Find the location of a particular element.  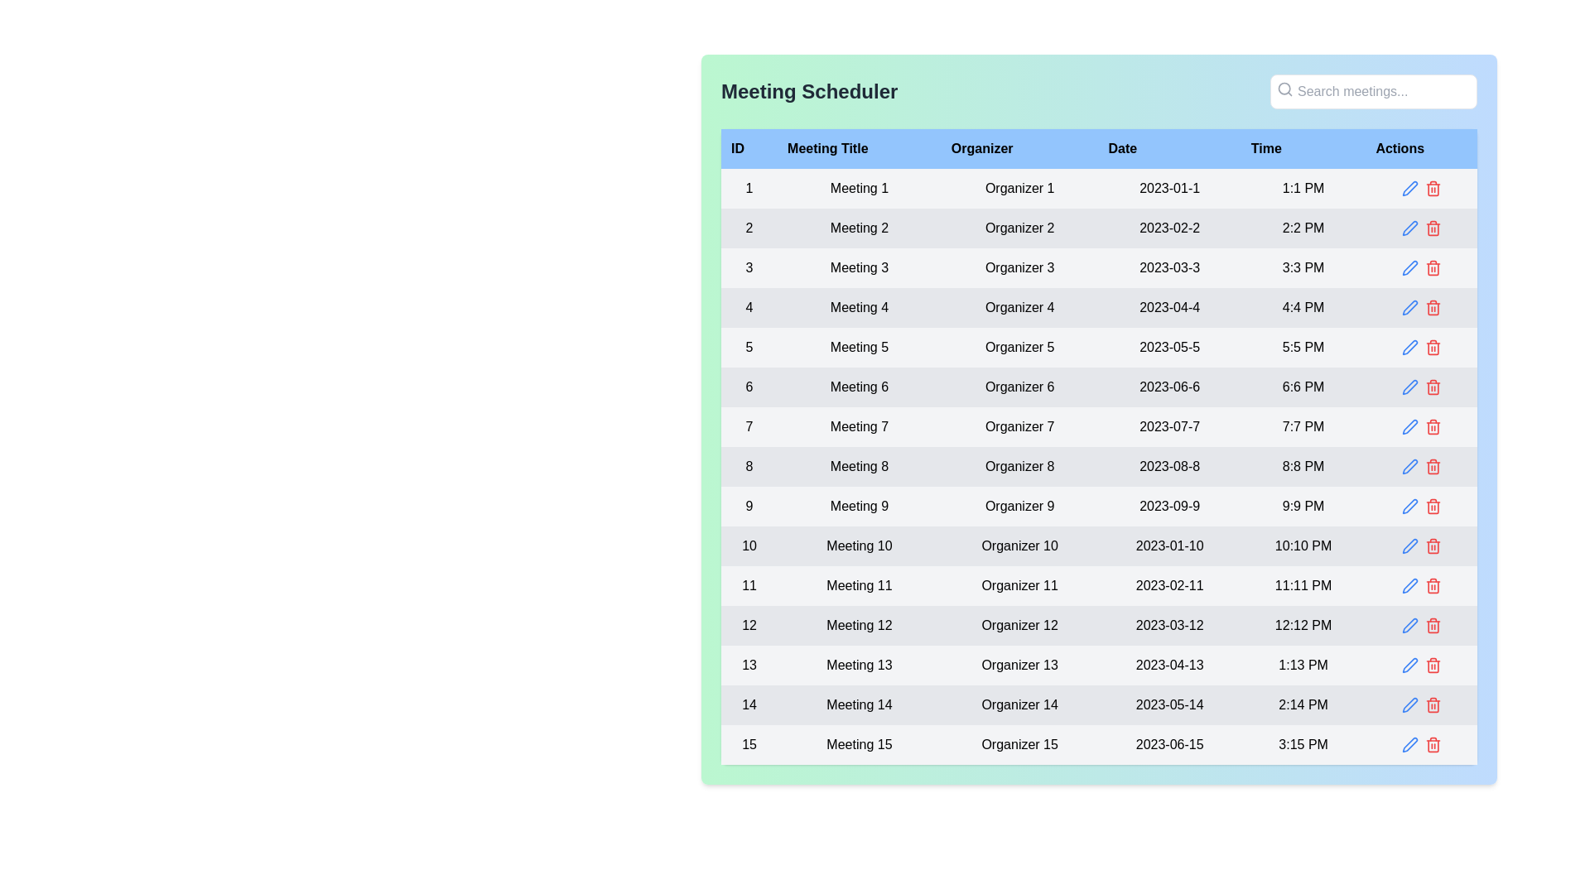

the delete button icon located in the 'Actions' column of the meeting table for 'Meeting 9' is located at coordinates (1432, 506).